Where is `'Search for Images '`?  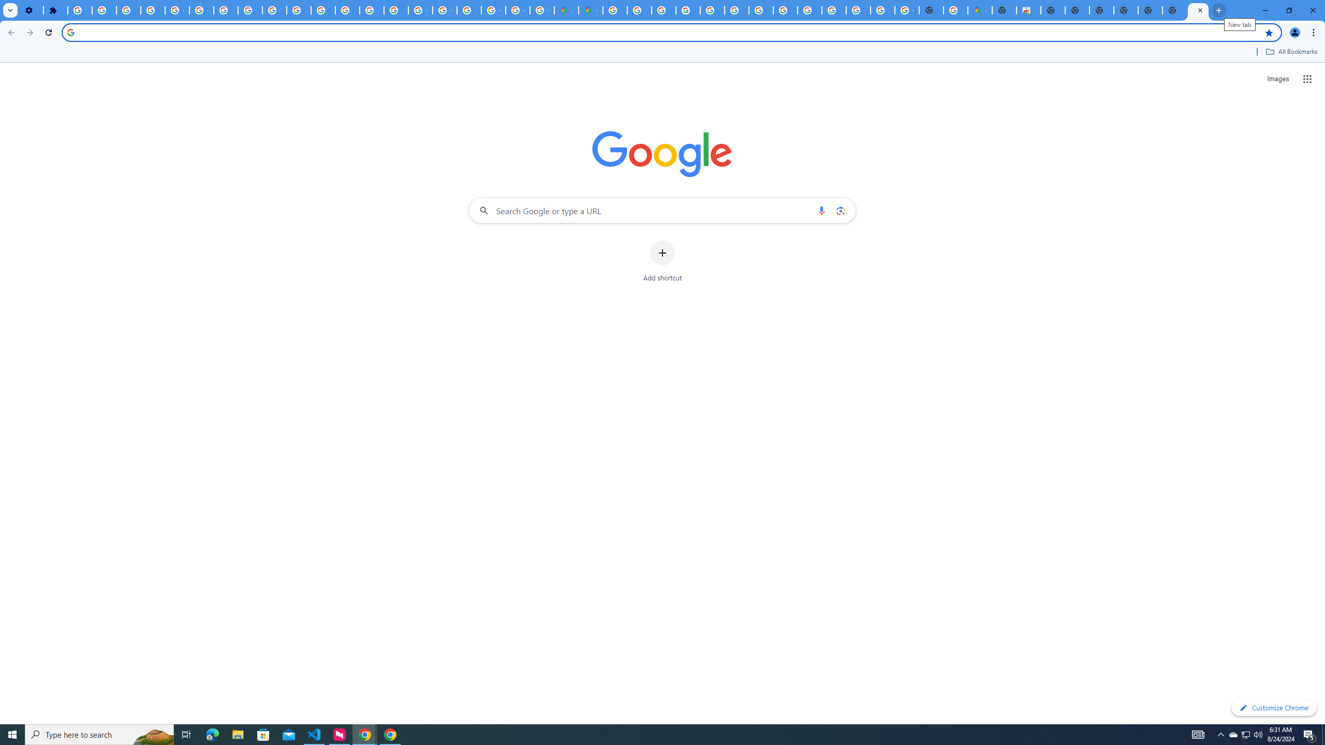
'Search for Images ' is located at coordinates (1278, 79).